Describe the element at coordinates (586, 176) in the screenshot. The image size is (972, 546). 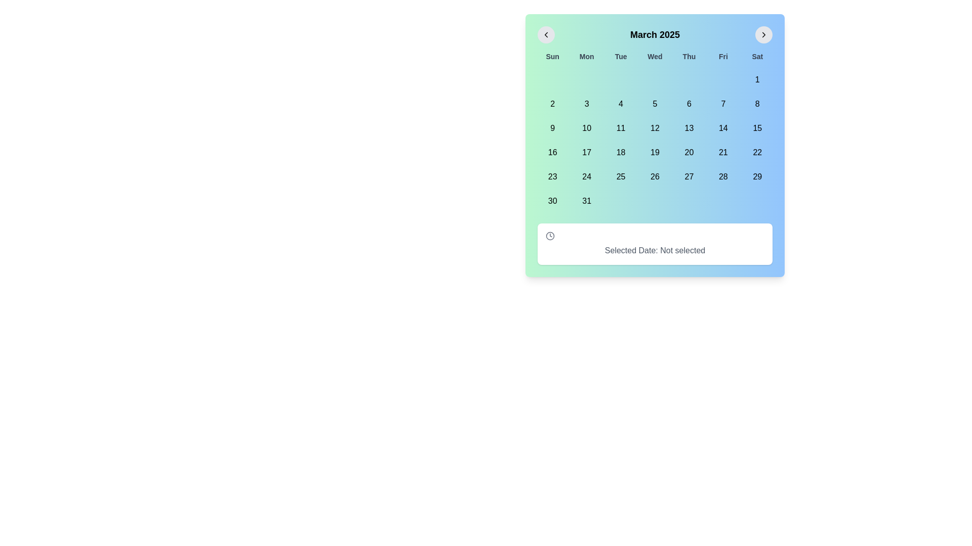
I see `the date selector button located in the fourth row and fourth column of the calendar for March 2025` at that location.